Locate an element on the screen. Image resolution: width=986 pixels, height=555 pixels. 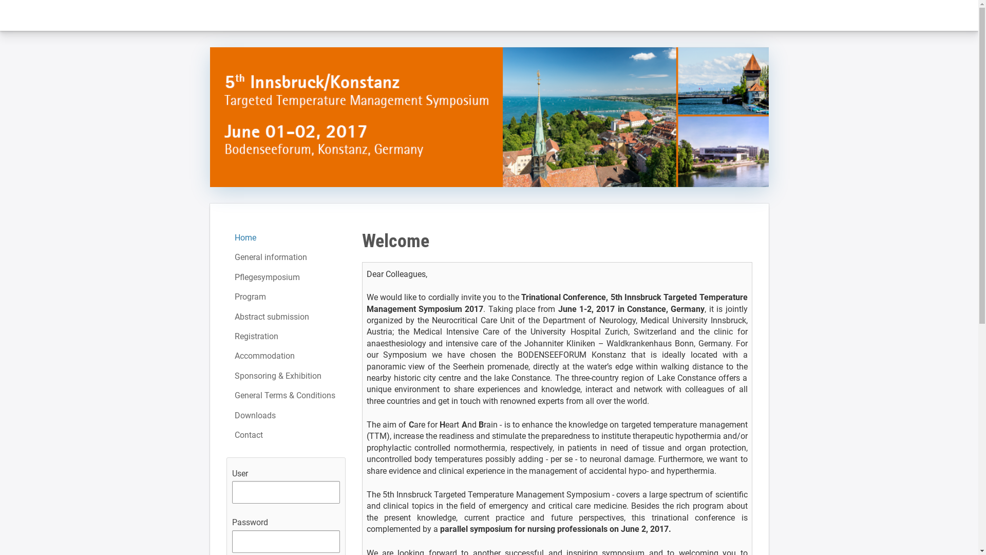
'General Terms & Conditions' is located at coordinates (225, 395).